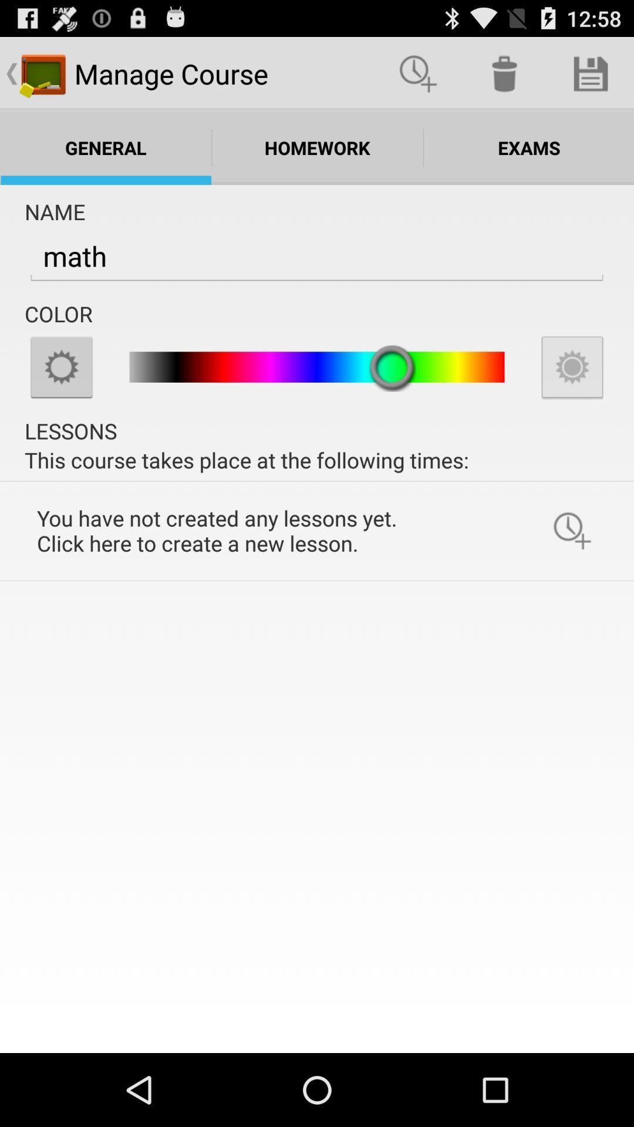 This screenshot has width=634, height=1127. What do you see at coordinates (572, 393) in the screenshot?
I see `the weather icon` at bounding box center [572, 393].